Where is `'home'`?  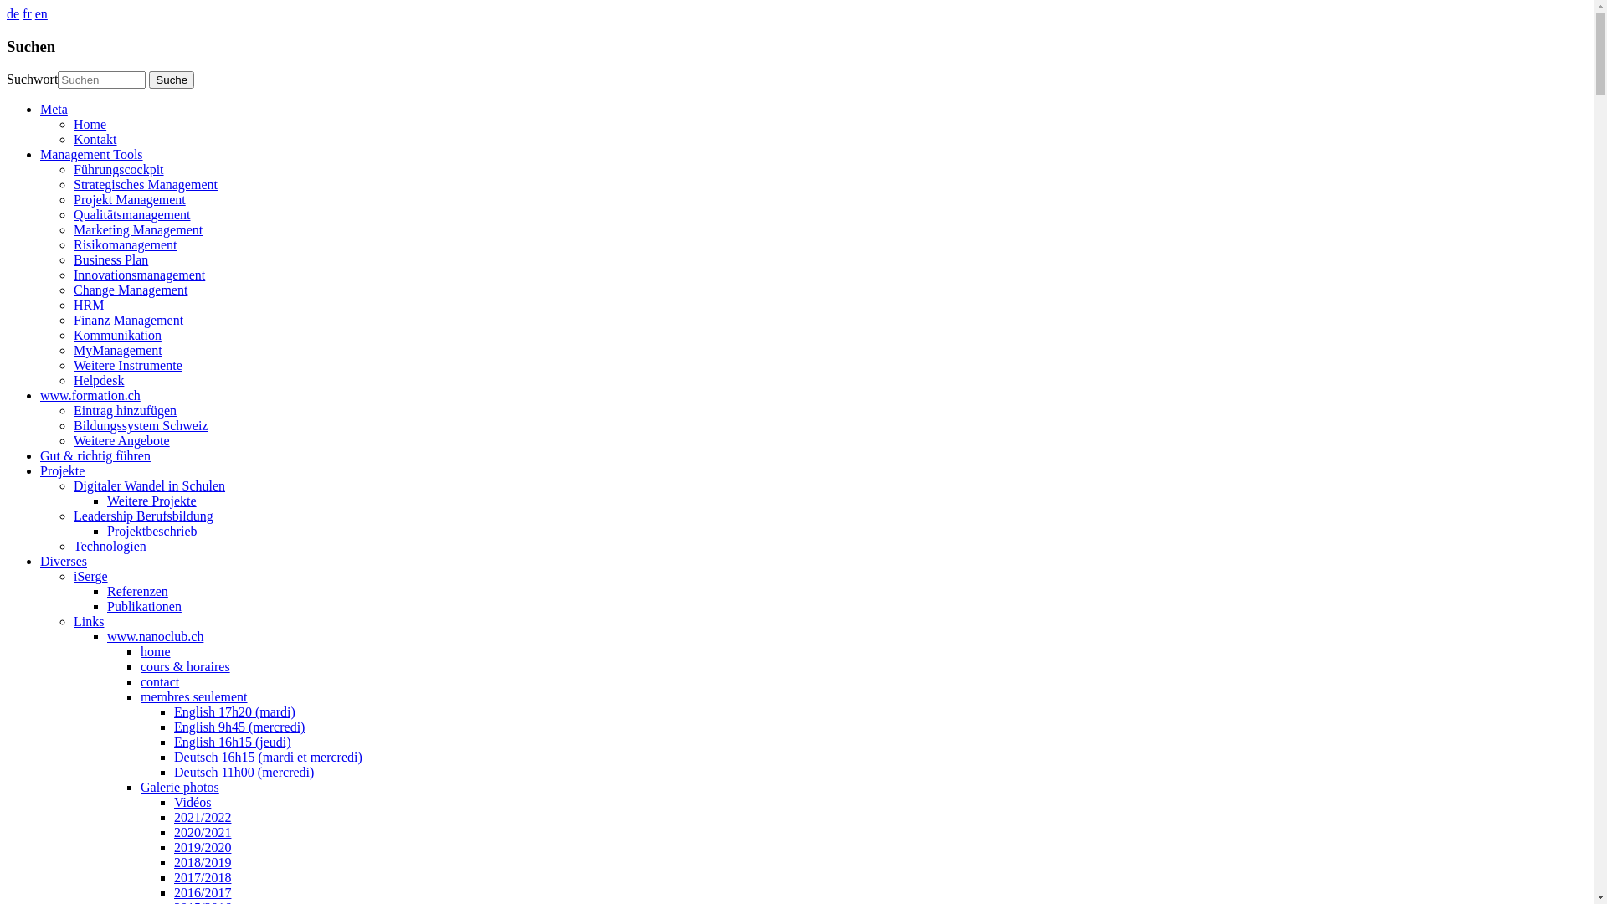
'home' is located at coordinates (141, 650).